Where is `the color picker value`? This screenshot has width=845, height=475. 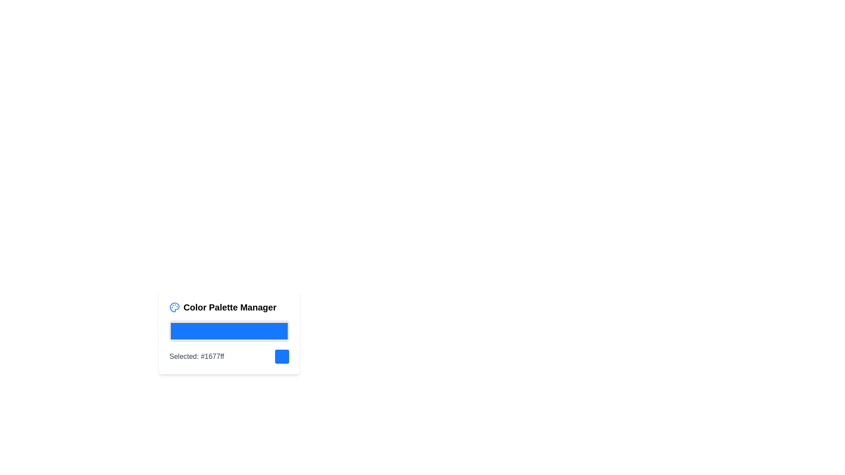 the color picker value is located at coordinates (229, 331).